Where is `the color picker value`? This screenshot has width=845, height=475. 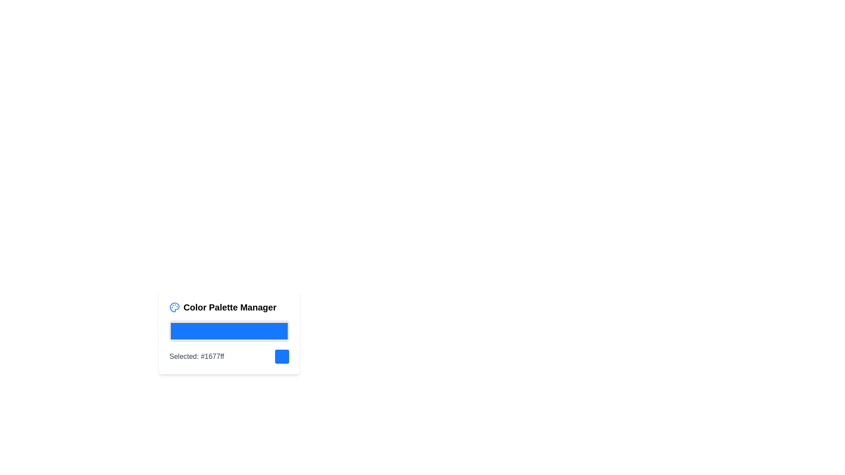 the color picker value is located at coordinates (229, 331).